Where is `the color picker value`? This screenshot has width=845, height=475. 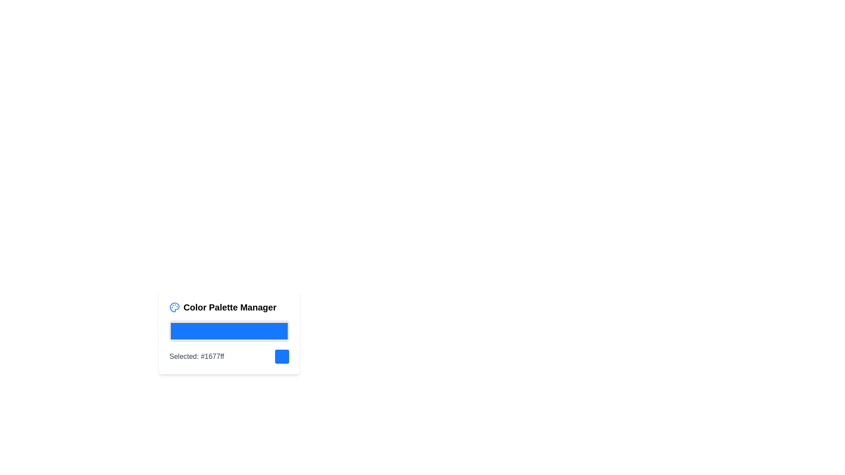 the color picker value is located at coordinates (229, 331).